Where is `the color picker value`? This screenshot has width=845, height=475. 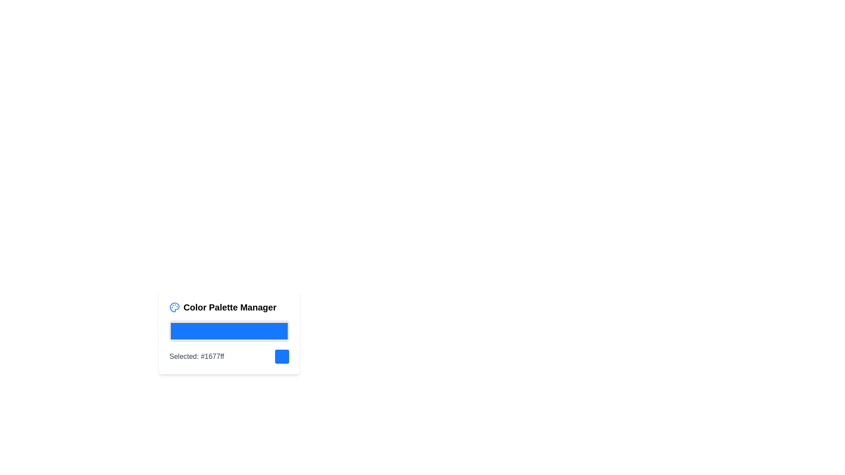 the color picker value is located at coordinates (229, 331).